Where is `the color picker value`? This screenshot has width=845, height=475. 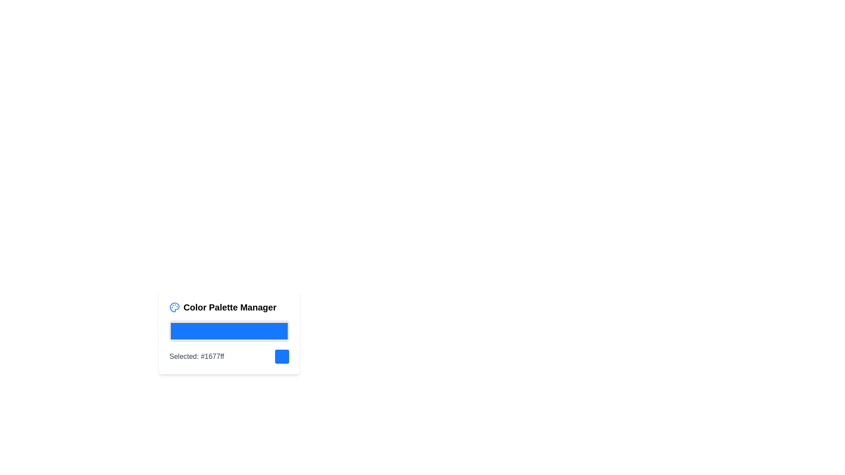 the color picker value is located at coordinates (229, 331).